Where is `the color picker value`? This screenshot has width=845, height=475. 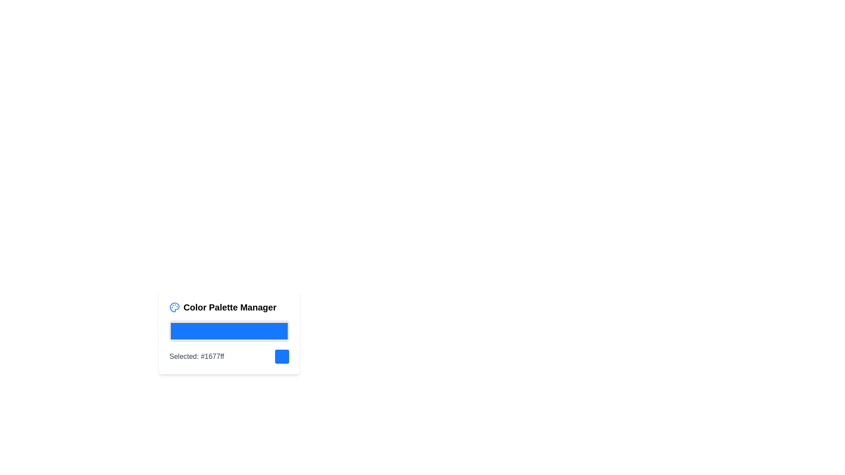 the color picker value is located at coordinates (229, 331).